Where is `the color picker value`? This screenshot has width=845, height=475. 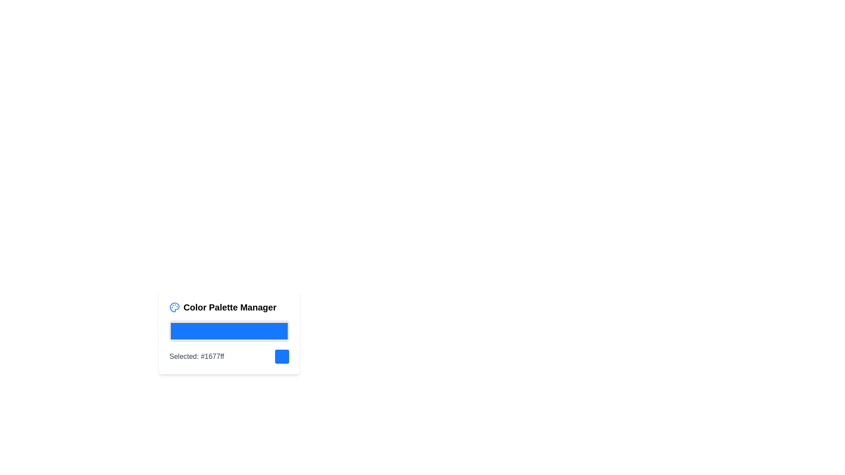 the color picker value is located at coordinates (229, 331).